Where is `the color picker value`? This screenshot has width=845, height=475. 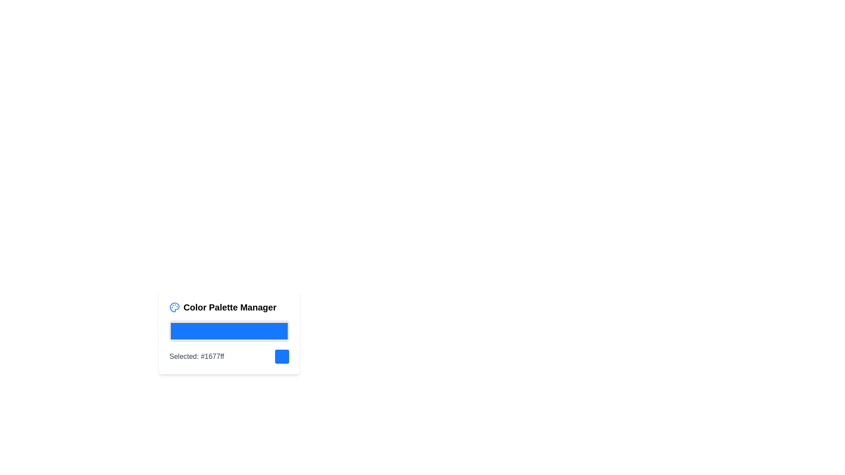 the color picker value is located at coordinates (229, 331).